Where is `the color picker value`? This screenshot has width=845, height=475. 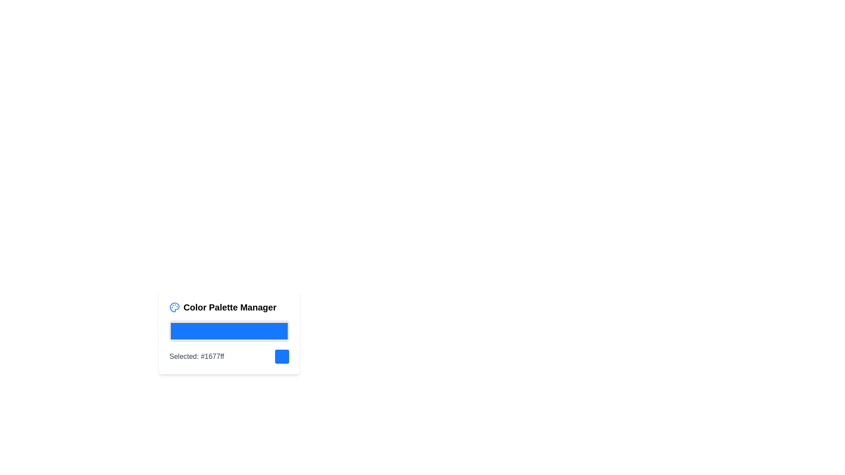 the color picker value is located at coordinates (229, 331).